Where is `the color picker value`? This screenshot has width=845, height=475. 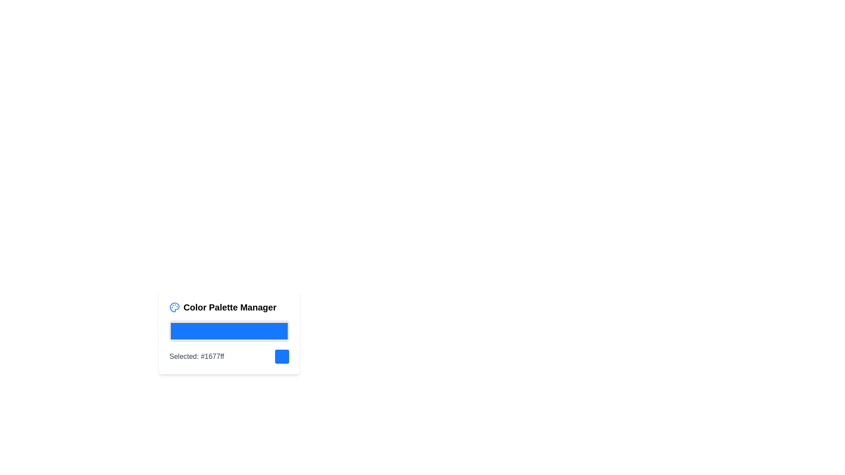 the color picker value is located at coordinates (229, 331).